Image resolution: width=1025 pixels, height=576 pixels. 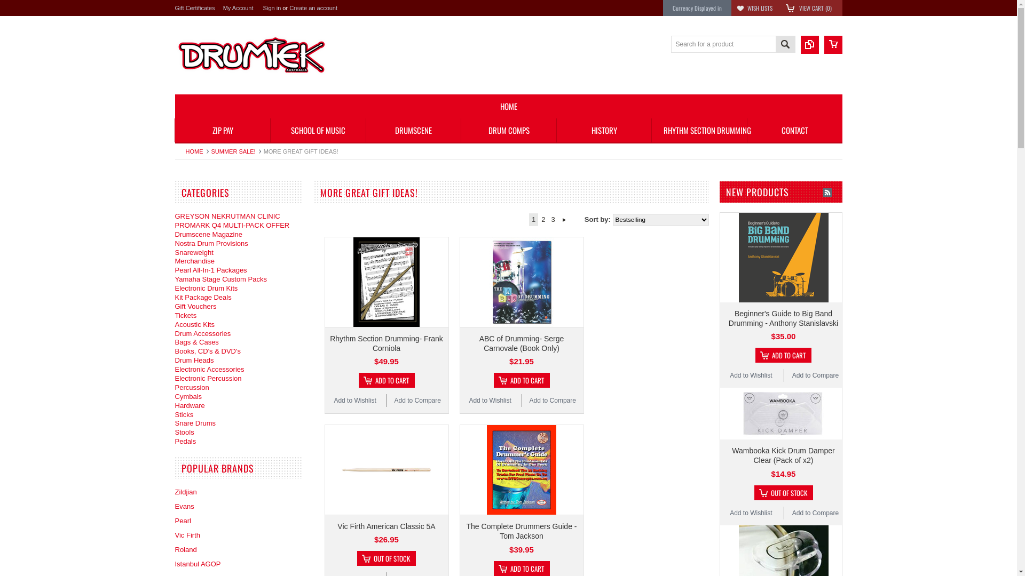 What do you see at coordinates (272, 8) in the screenshot?
I see `'Sign in'` at bounding box center [272, 8].